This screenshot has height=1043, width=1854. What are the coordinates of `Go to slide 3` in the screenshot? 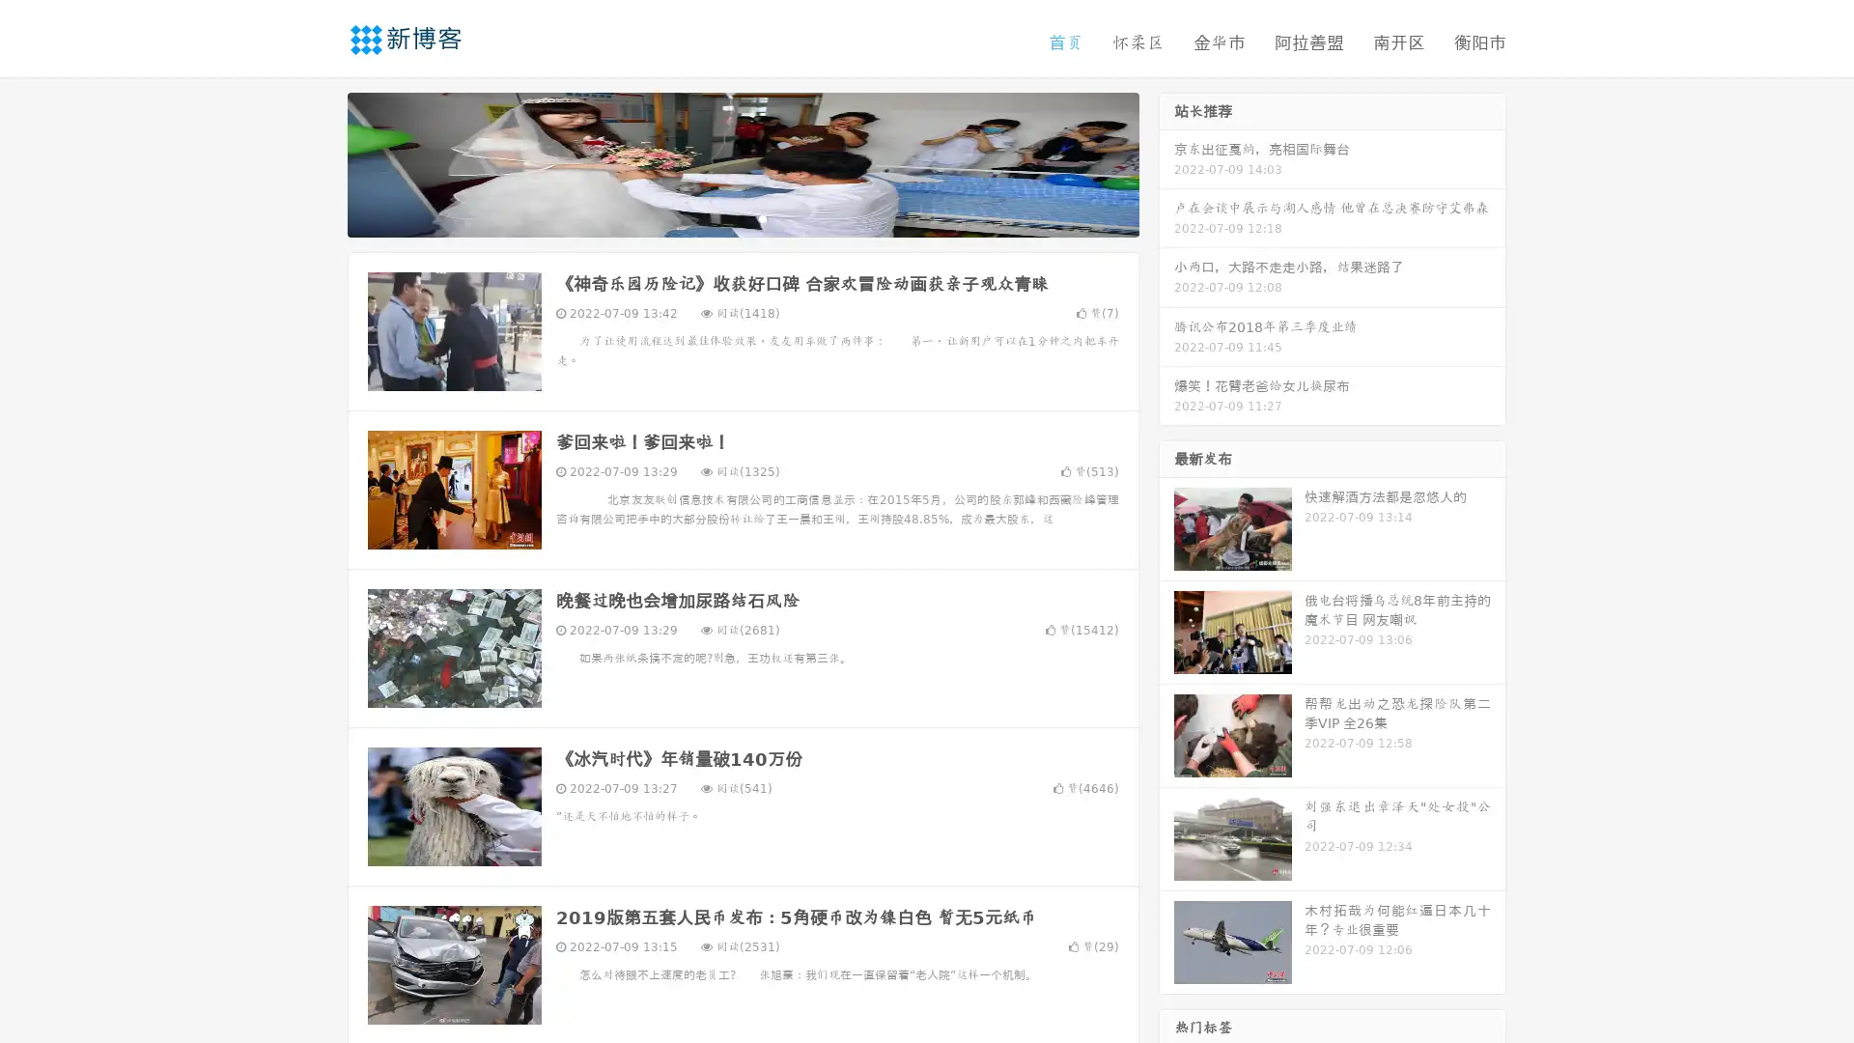 It's located at (762, 217).